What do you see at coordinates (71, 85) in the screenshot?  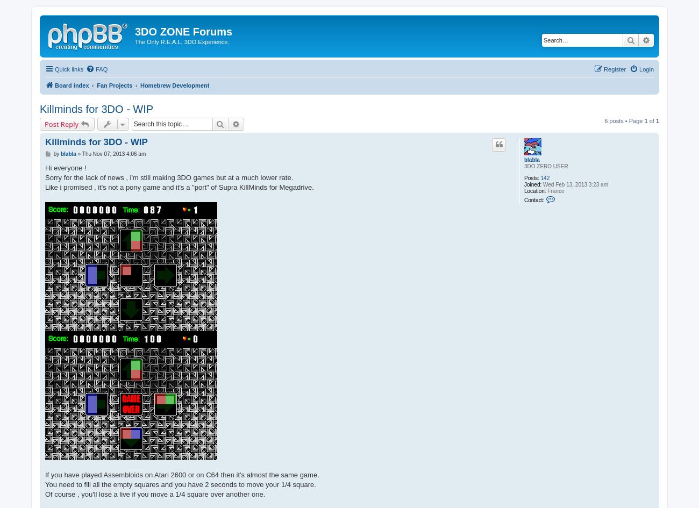 I see `'Board index'` at bounding box center [71, 85].